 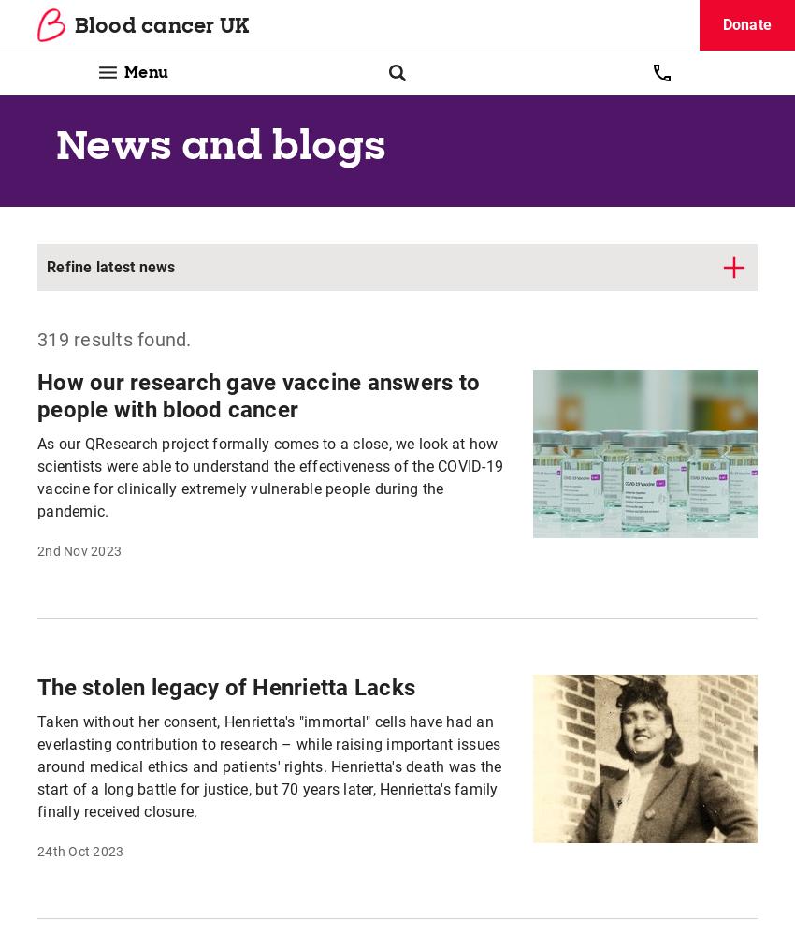 I want to click on 'Yorkshire Farmhouse raises £1.95 million money for vital blood cancer research!', so click(x=251, y=87).